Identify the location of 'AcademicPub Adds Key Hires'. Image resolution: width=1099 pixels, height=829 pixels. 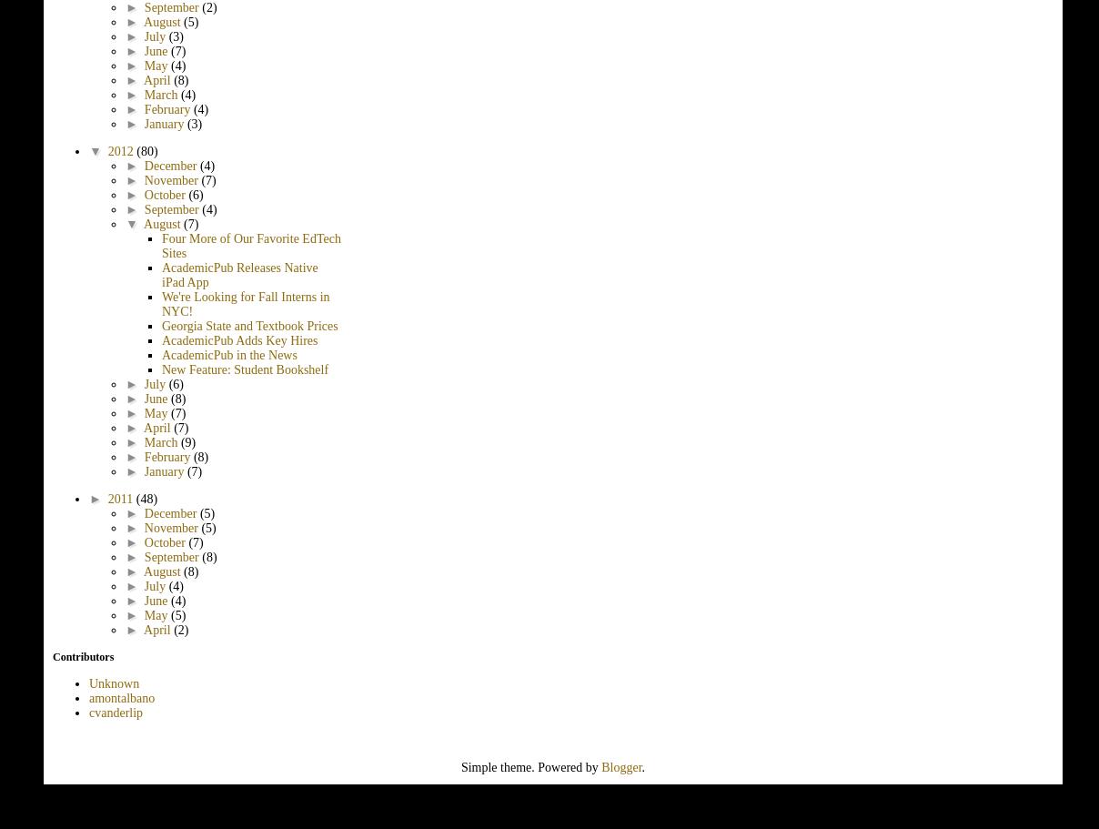
(239, 339).